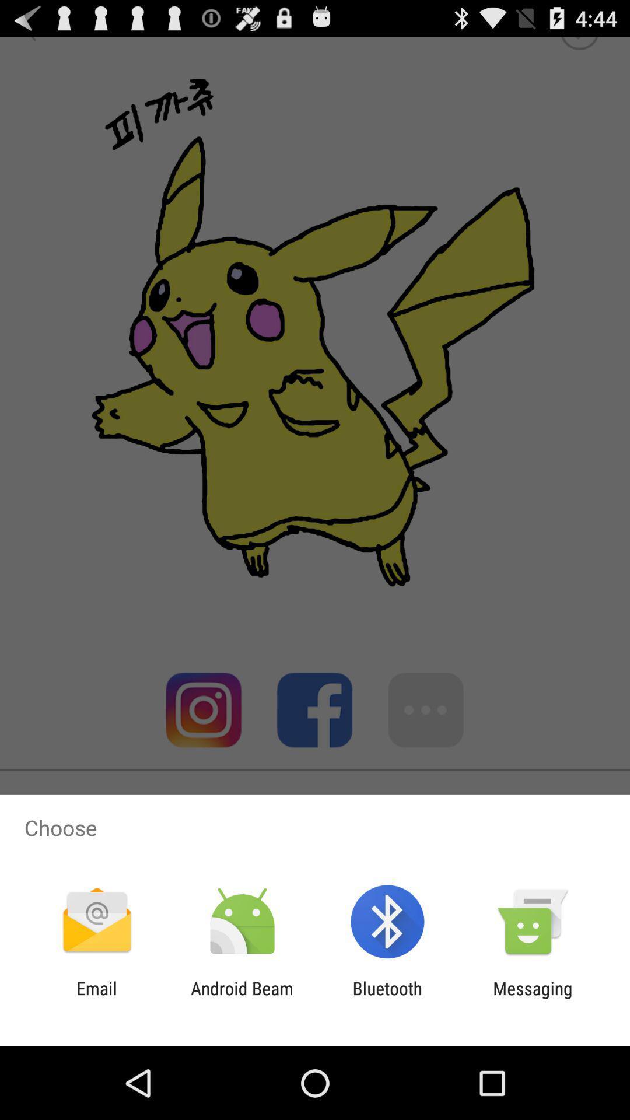 The height and width of the screenshot is (1120, 630). What do you see at coordinates (387, 998) in the screenshot?
I see `app to the left of the messaging app` at bounding box center [387, 998].